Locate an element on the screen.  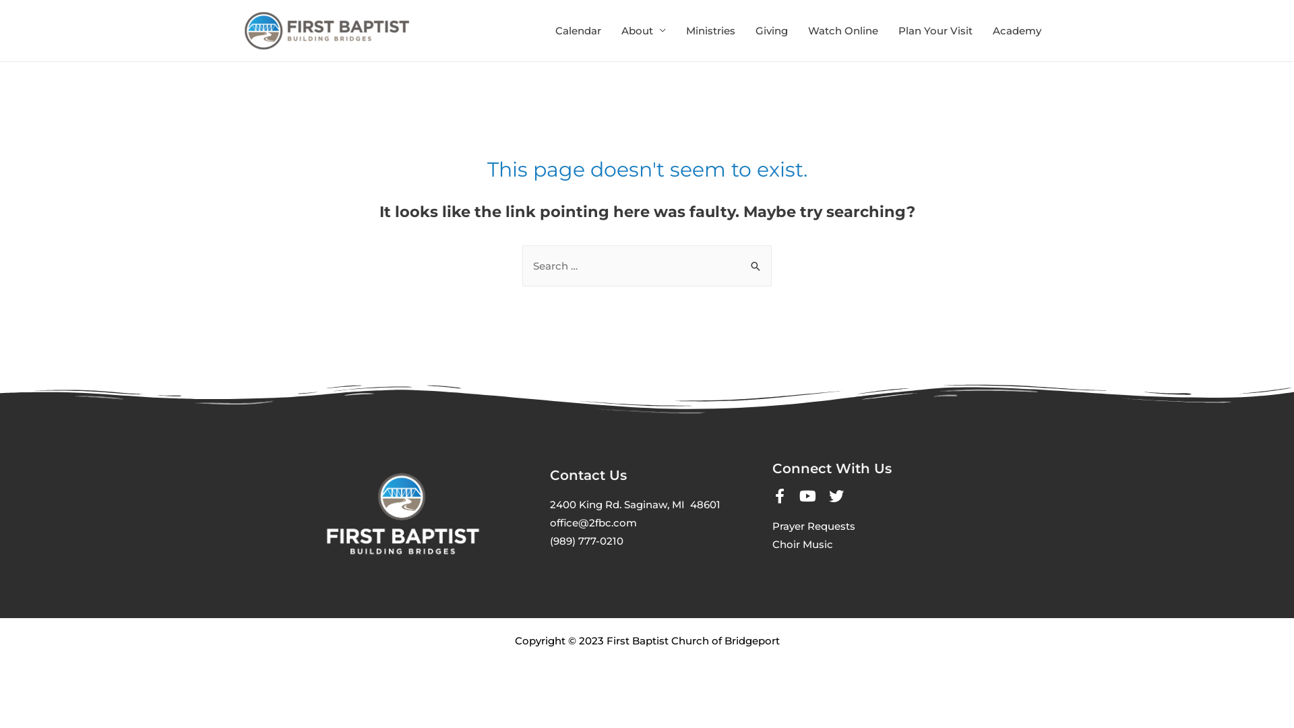
'About' is located at coordinates (611, 30).